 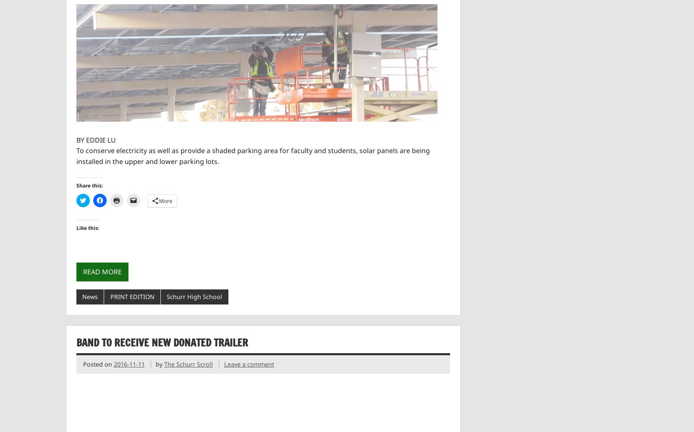 I want to click on 'Leave a comment', so click(x=248, y=364).